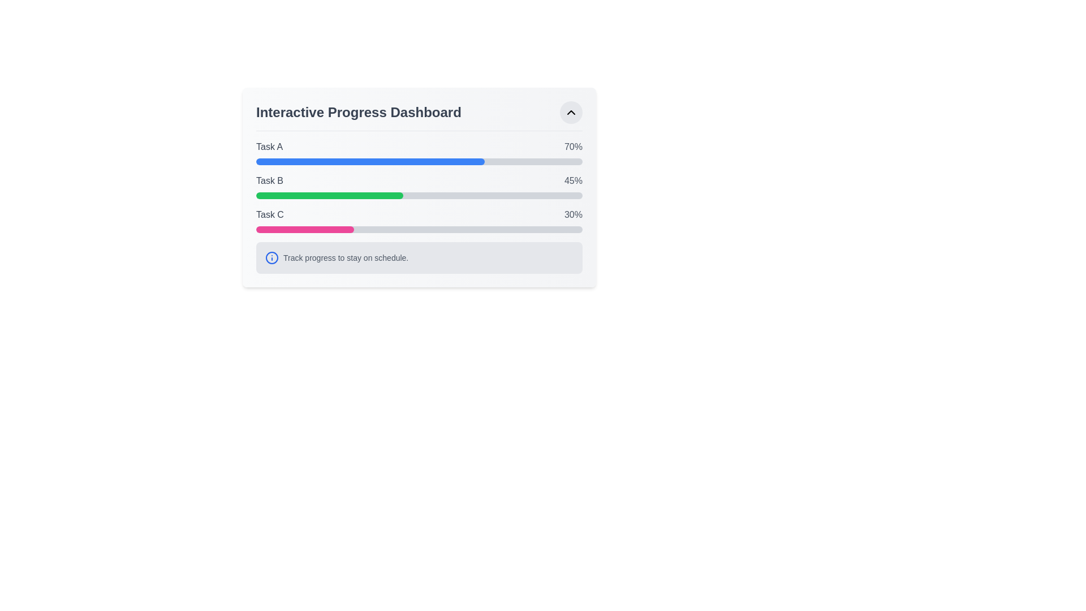 This screenshot has height=611, width=1086. I want to click on progress bar element associated with 'Task B', which indicates 45% progress and is visually represented as a horizontal bar with a green fill, so click(419, 195).